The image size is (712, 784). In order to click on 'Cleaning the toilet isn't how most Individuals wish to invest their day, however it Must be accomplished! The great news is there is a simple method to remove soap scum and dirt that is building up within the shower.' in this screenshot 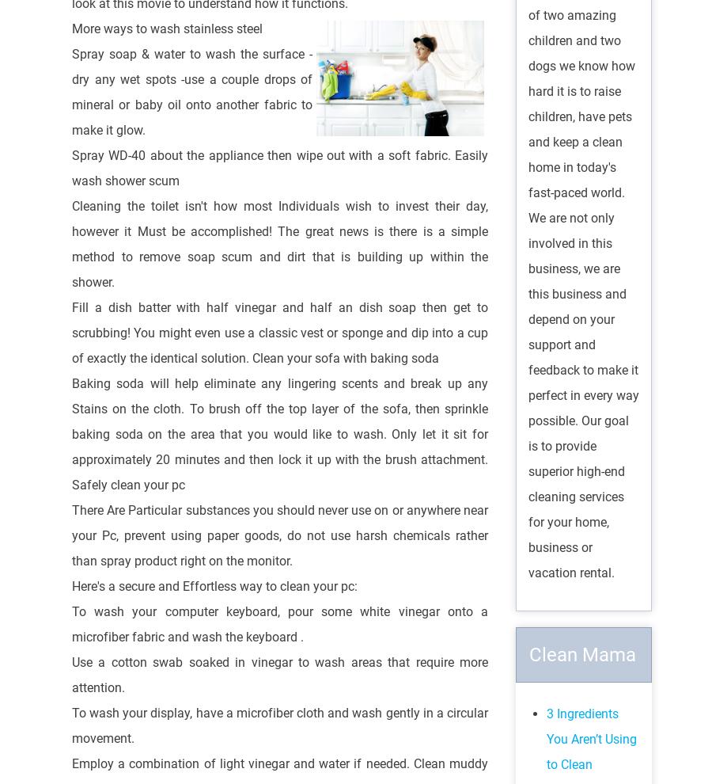, I will do `click(279, 242)`.